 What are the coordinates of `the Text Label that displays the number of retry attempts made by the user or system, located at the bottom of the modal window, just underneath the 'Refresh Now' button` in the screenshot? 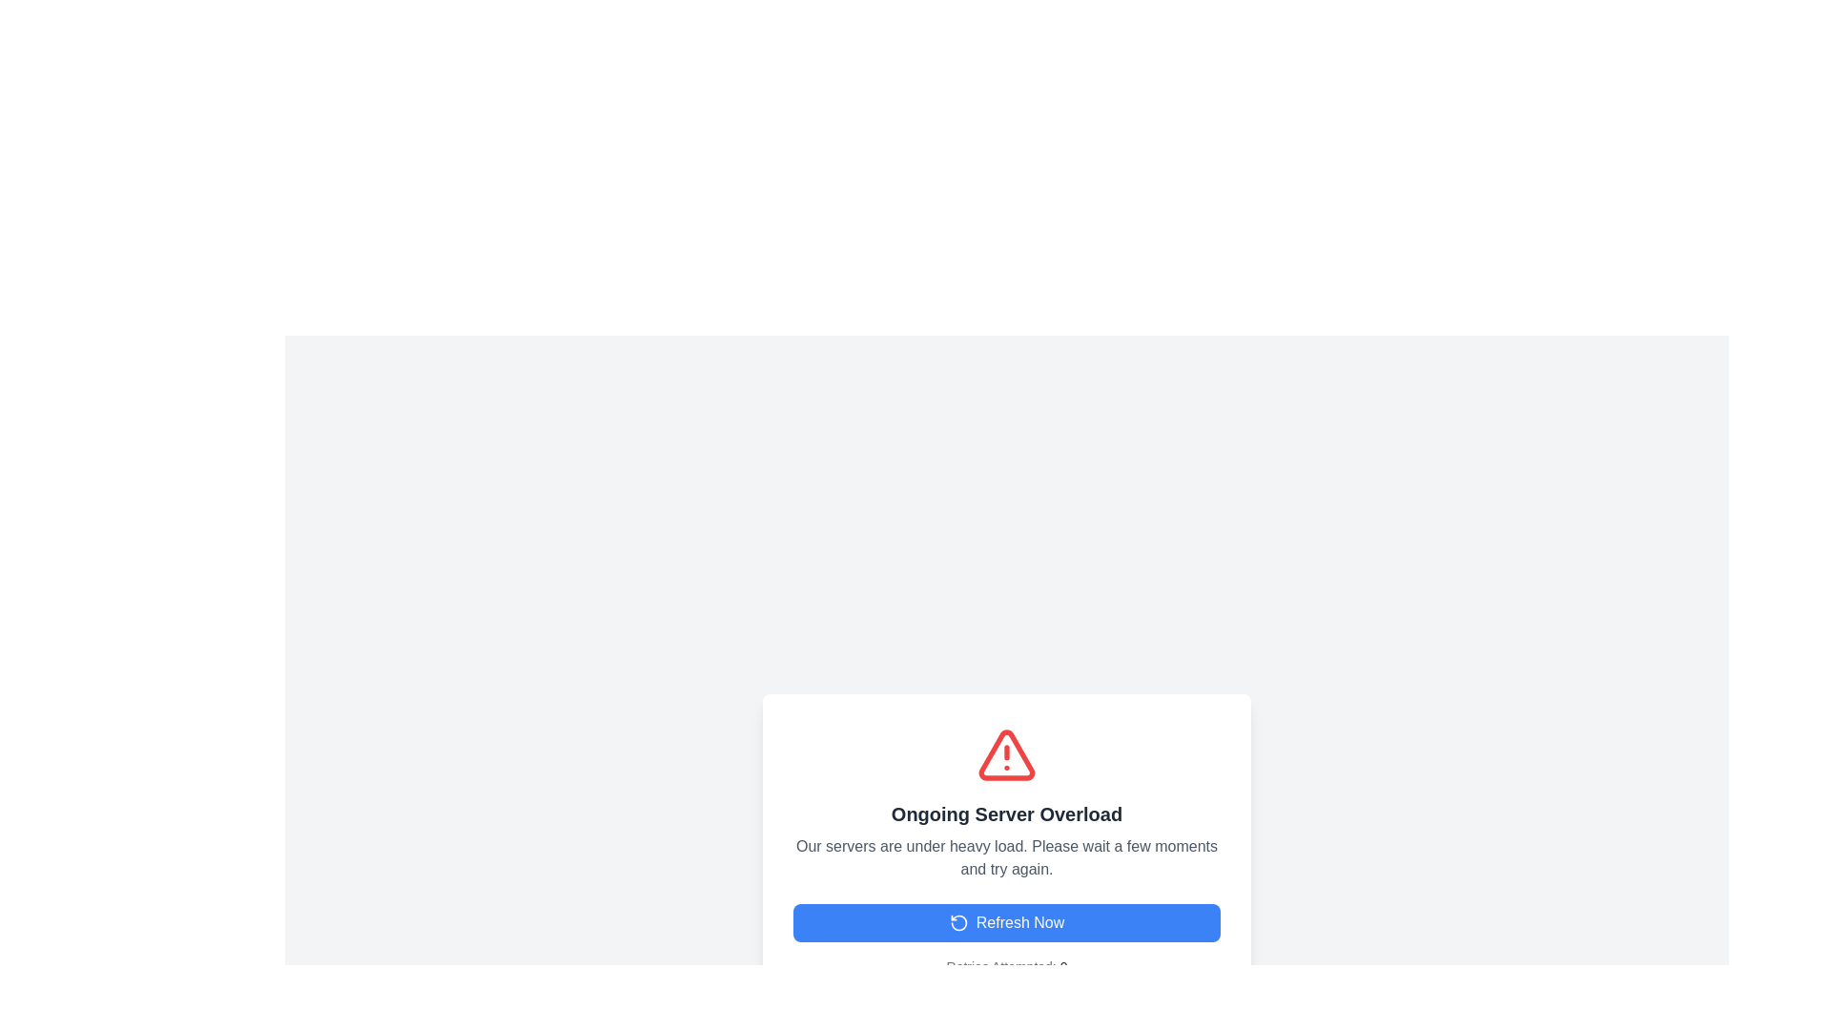 It's located at (1006, 967).